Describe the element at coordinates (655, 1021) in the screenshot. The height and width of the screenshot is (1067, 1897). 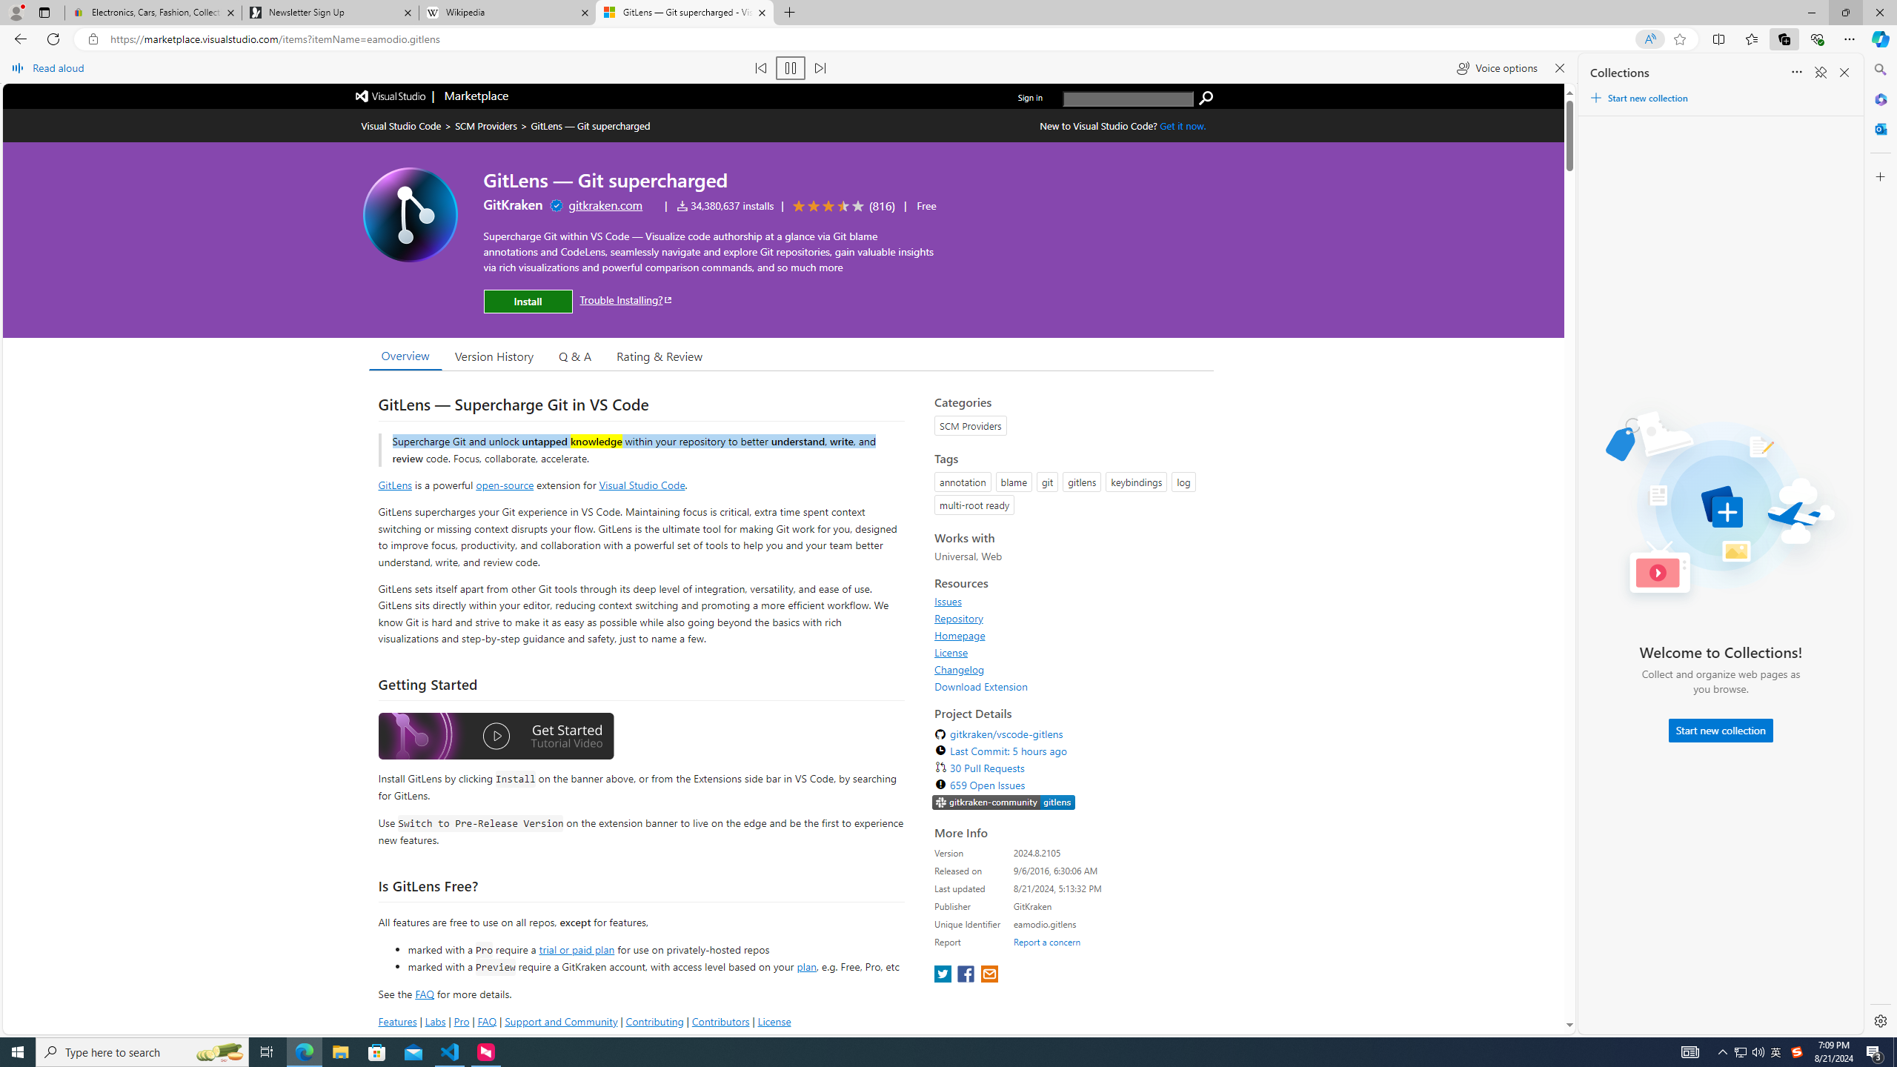
I see `'Contributing'` at that location.